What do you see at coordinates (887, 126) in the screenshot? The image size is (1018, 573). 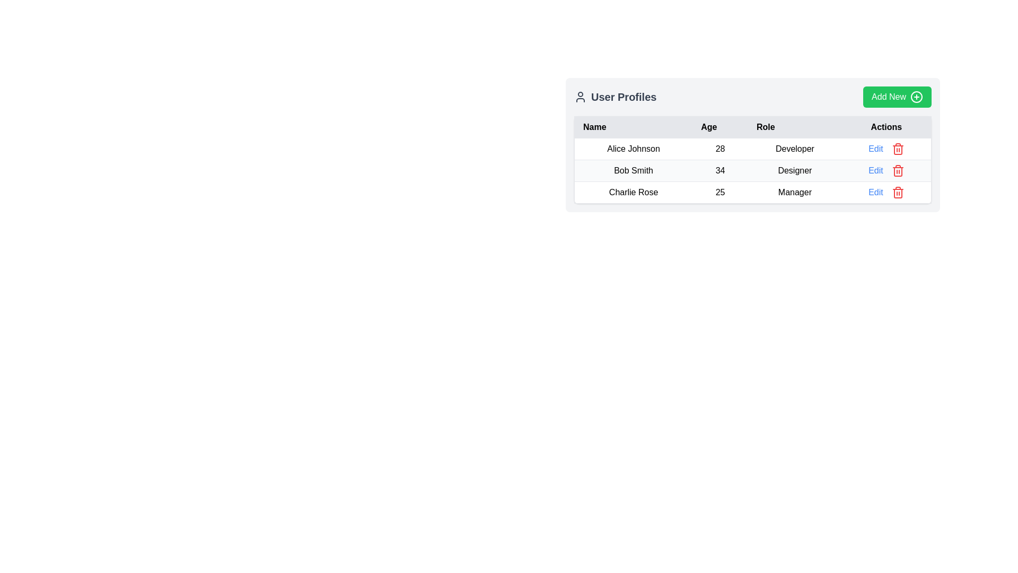 I see `the Table Header displaying 'Actions' in bold, located at the far right of the table header with a light-colored background` at bounding box center [887, 126].